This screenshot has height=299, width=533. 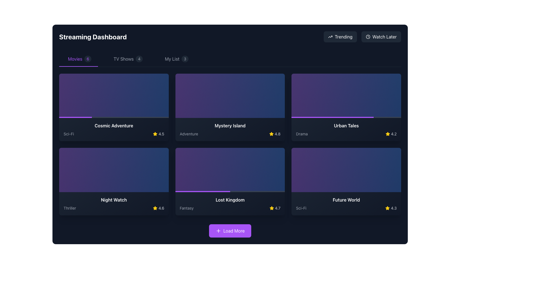 I want to click on the text label displaying 'Sci-Fi', which is styled with a small font size and gray color, located in the lower section of the 'Cosmic Adventure' movie tile, so click(x=68, y=134).